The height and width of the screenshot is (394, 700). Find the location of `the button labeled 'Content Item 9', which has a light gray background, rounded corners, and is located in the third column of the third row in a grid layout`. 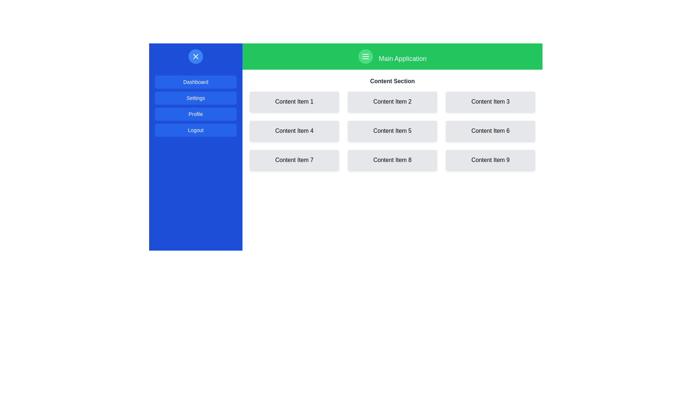

the button labeled 'Content Item 9', which has a light gray background, rounded corners, and is located in the third column of the third row in a grid layout is located at coordinates (490, 160).